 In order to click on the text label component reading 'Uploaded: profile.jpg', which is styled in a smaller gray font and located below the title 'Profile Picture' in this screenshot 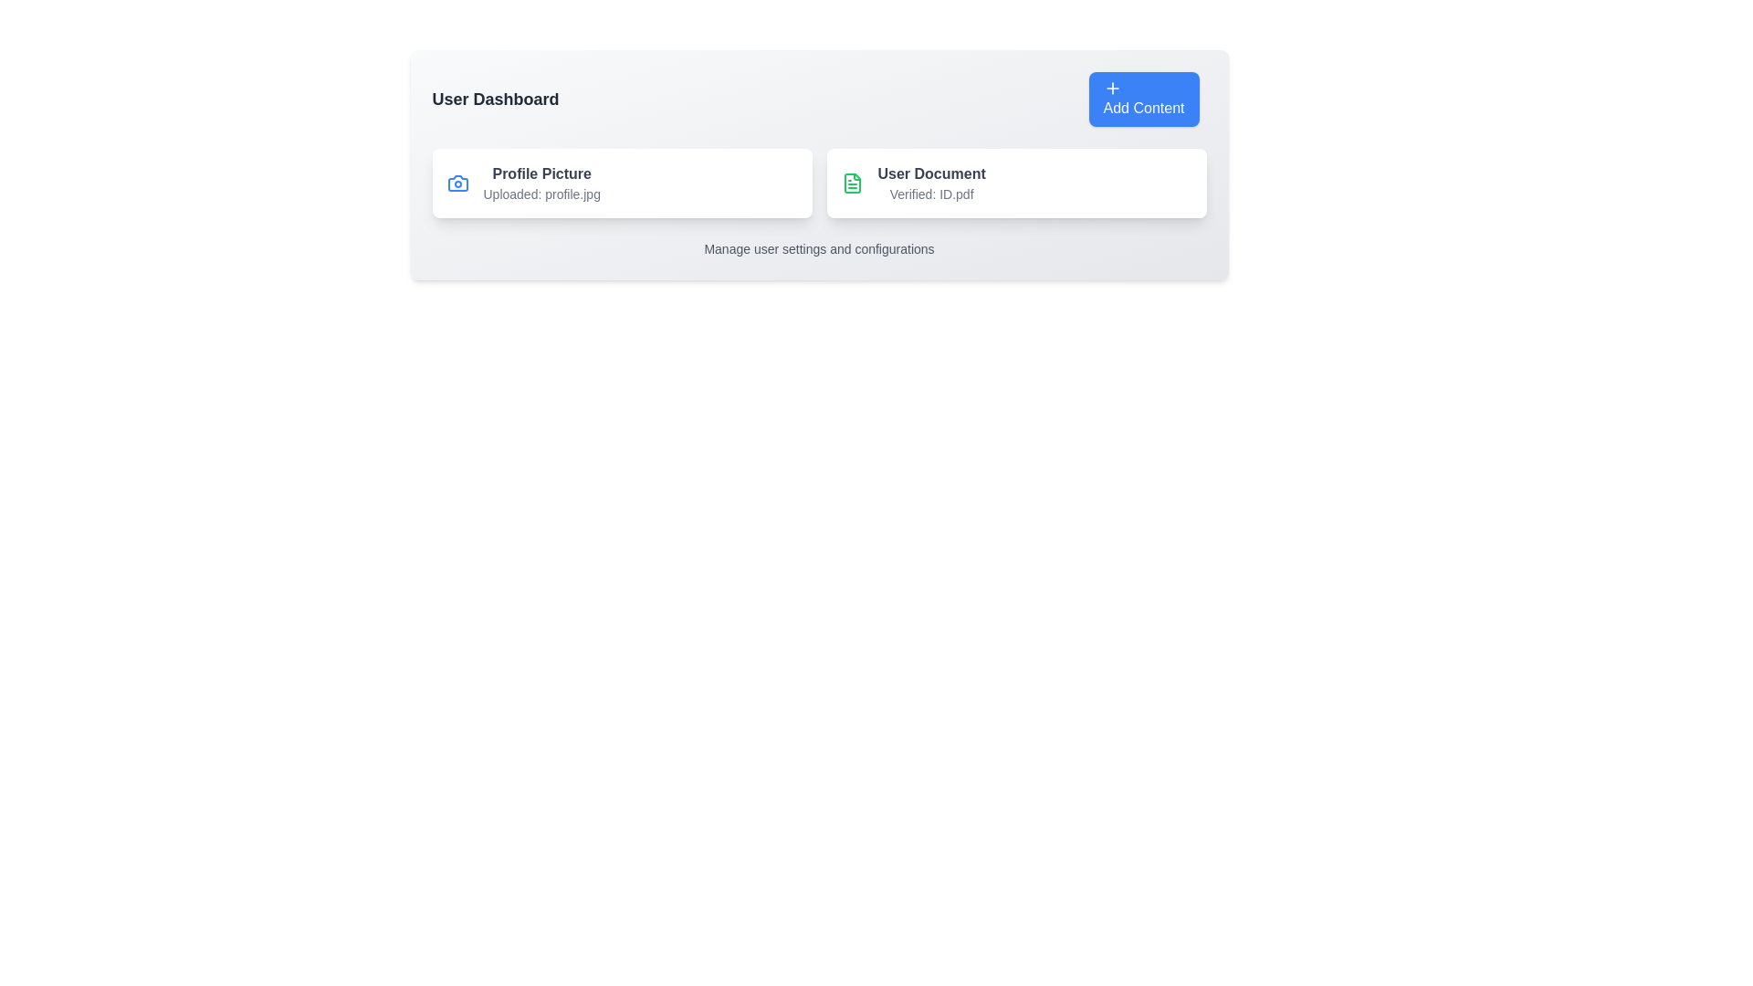, I will do `click(541, 194)`.